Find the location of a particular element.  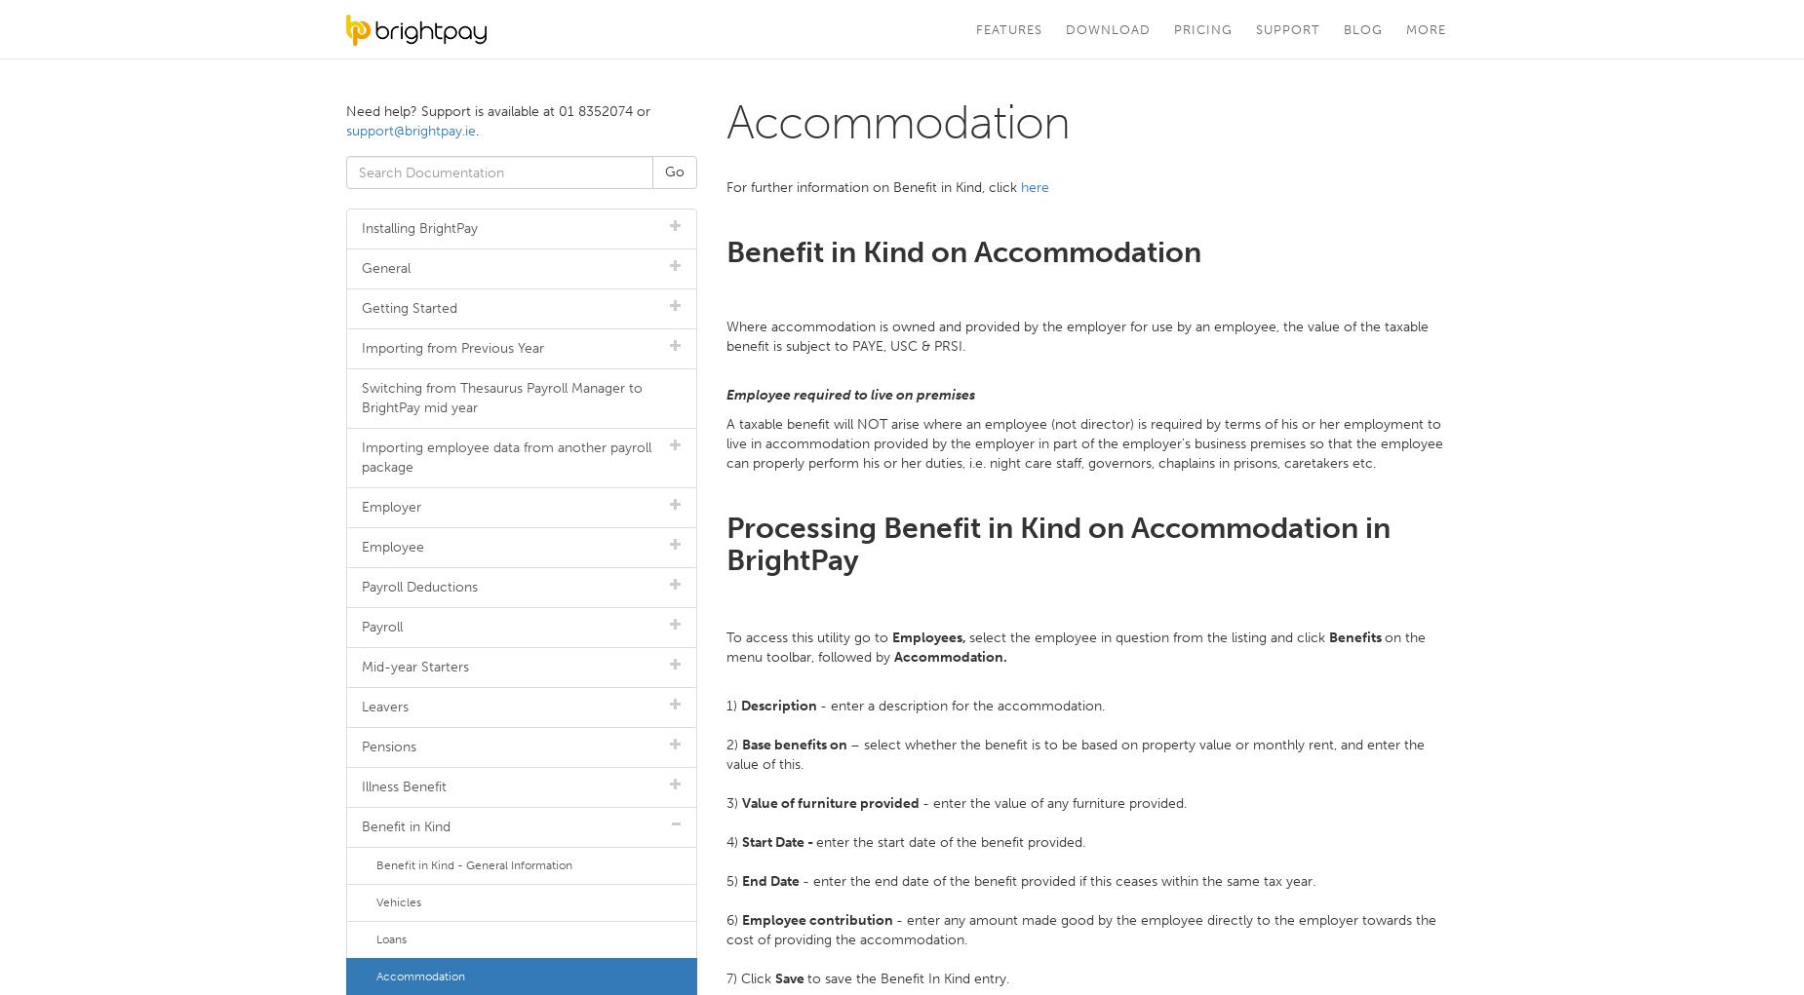

'Switching from Thesaurus Payroll Manager to BrightPay mid year' is located at coordinates (360, 397).